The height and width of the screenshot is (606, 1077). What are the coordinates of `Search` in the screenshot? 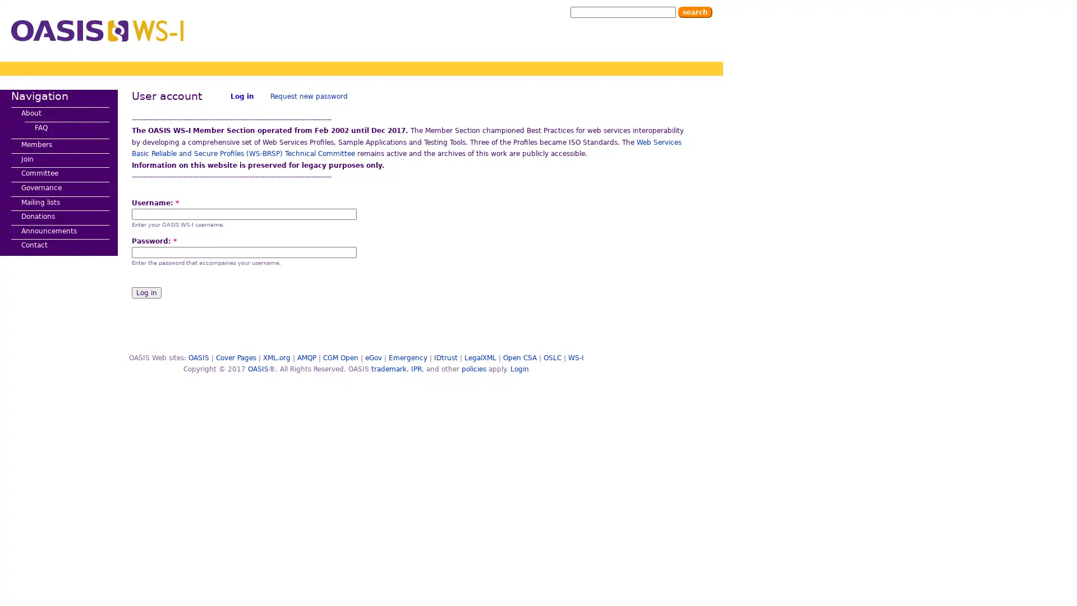 It's located at (694, 12).